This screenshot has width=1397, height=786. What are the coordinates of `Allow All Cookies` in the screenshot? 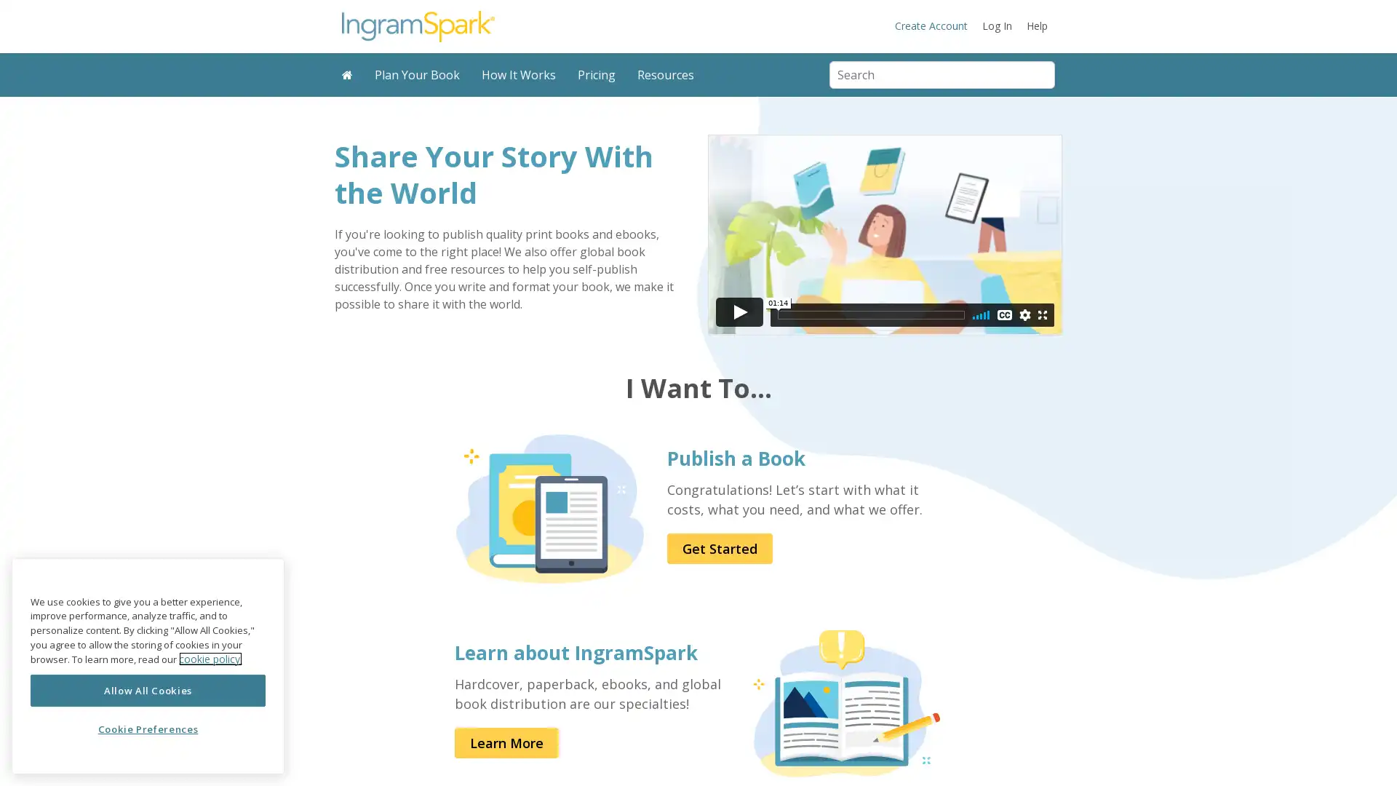 It's located at (148, 689).